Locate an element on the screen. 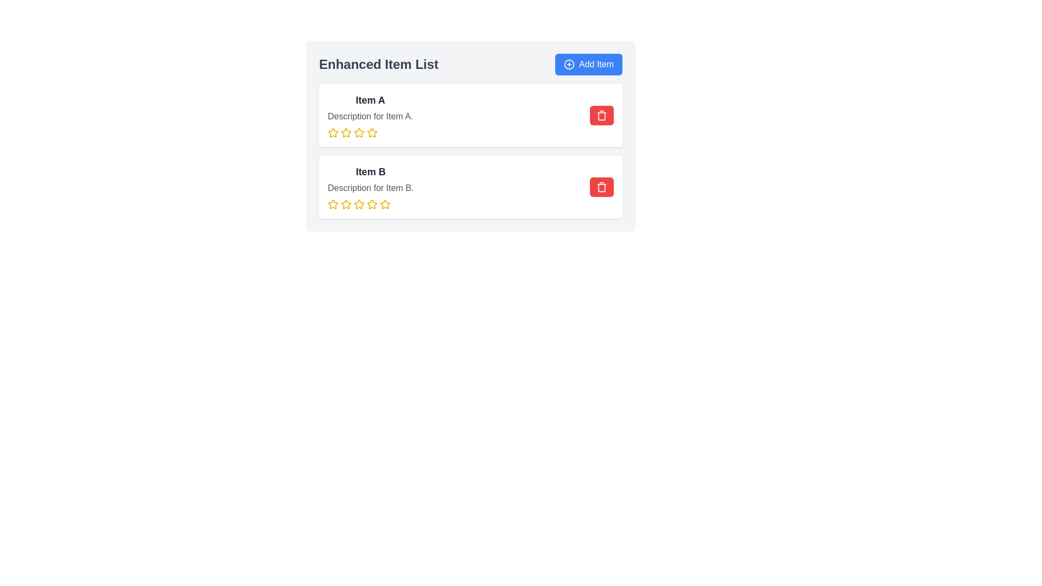 The image size is (1042, 586). the topmost delete button with a red background and trash can icon is located at coordinates (601, 115).